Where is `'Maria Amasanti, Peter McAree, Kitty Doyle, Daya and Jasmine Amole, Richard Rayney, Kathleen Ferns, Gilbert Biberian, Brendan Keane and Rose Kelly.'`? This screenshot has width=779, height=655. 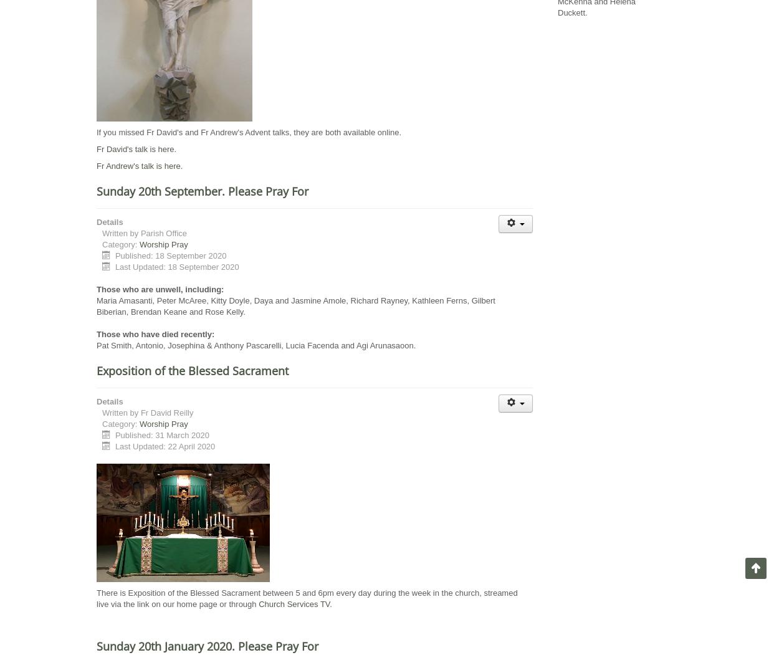
'Maria Amasanti, Peter McAree, Kitty Doyle, Daya and Jasmine Amole, Richard Rayney, Kathleen Ferns, Gilbert Biberian, Brendan Keane and Rose Kelly.' is located at coordinates (295, 306).